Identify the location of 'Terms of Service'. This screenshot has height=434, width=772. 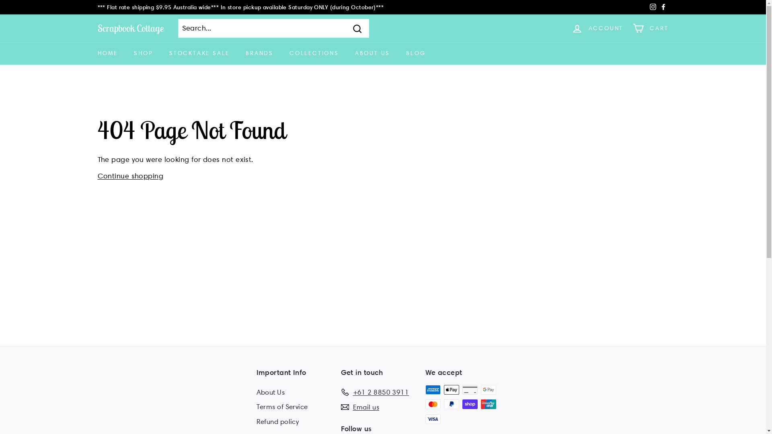
(282, 407).